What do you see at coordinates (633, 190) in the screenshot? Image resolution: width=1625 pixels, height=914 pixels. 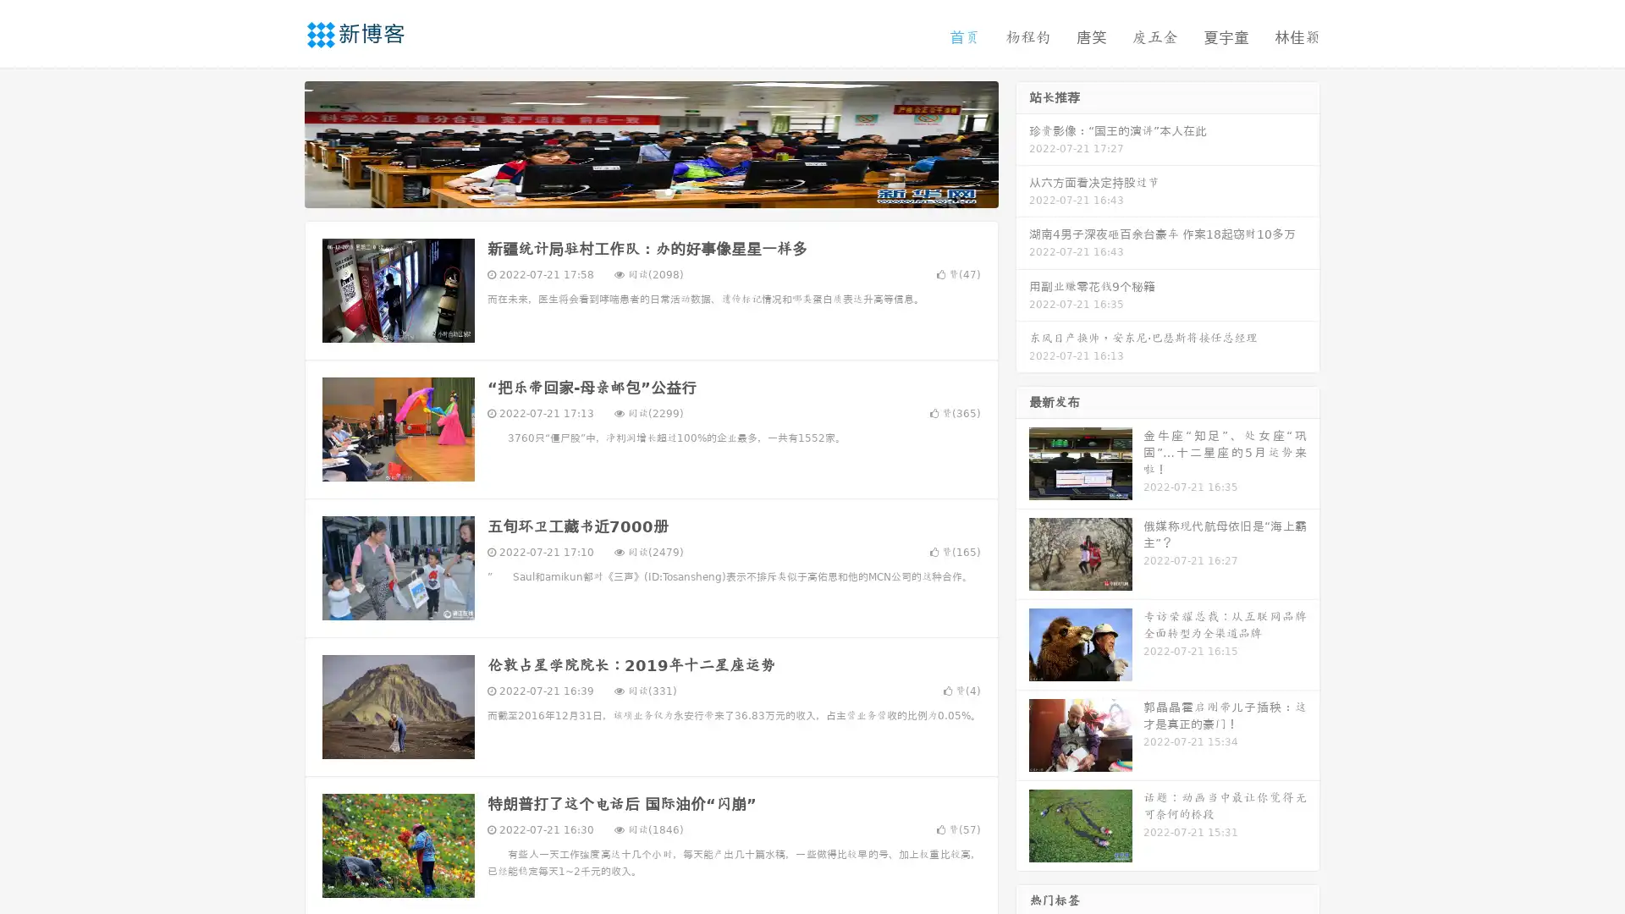 I see `Go to slide 1` at bounding box center [633, 190].